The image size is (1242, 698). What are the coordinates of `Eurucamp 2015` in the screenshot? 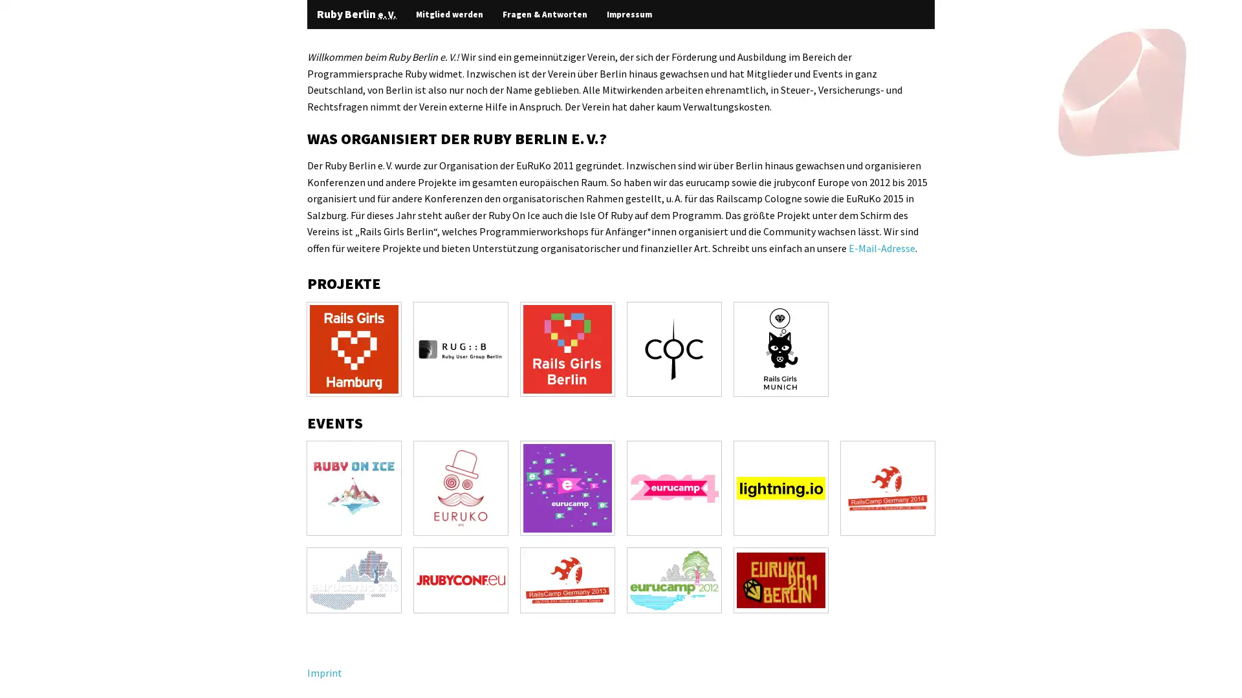 It's located at (567, 488).